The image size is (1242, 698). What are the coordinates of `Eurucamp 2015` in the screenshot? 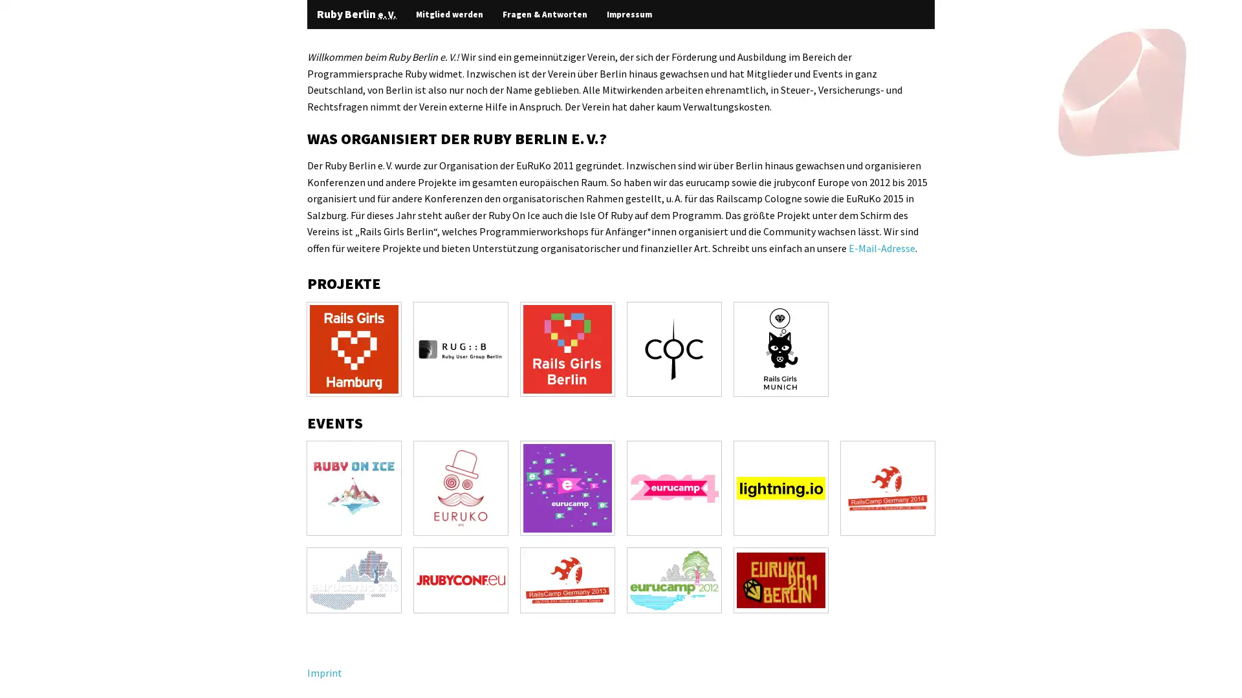 It's located at (567, 488).